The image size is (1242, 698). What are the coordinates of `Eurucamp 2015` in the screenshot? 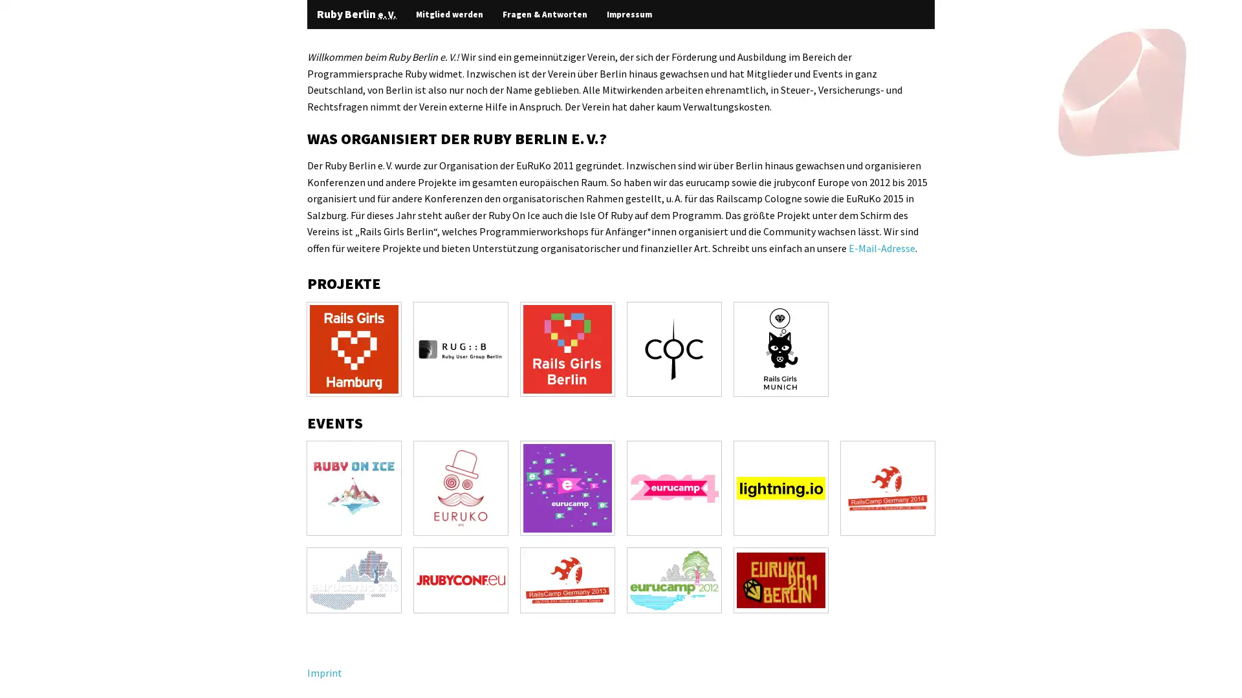 It's located at (567, 488).